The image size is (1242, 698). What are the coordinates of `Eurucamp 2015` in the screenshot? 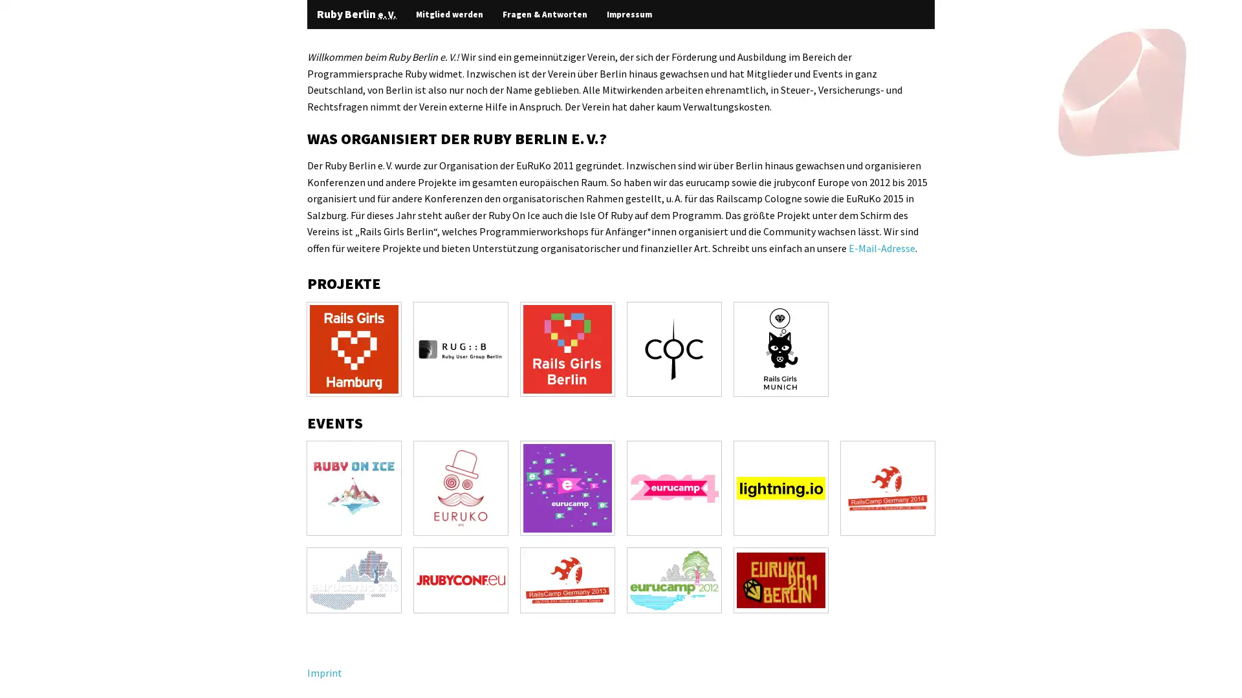 It's located at (567, 488).